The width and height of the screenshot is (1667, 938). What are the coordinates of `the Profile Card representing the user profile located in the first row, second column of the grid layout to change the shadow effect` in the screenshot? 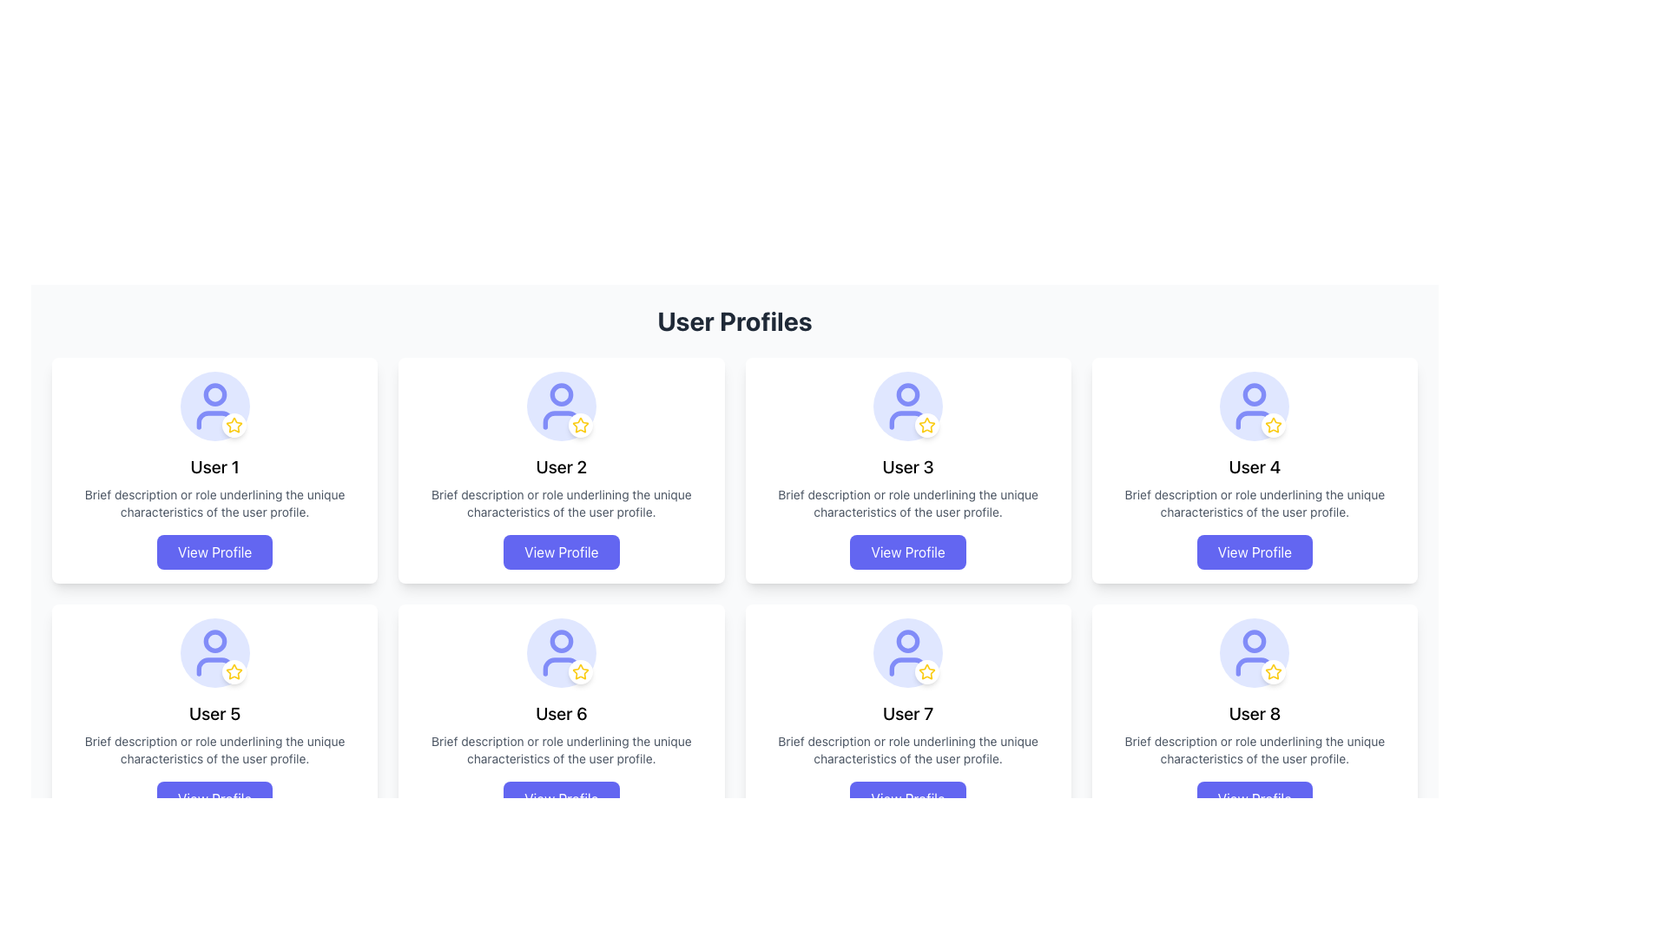 It's located at (561, 471).